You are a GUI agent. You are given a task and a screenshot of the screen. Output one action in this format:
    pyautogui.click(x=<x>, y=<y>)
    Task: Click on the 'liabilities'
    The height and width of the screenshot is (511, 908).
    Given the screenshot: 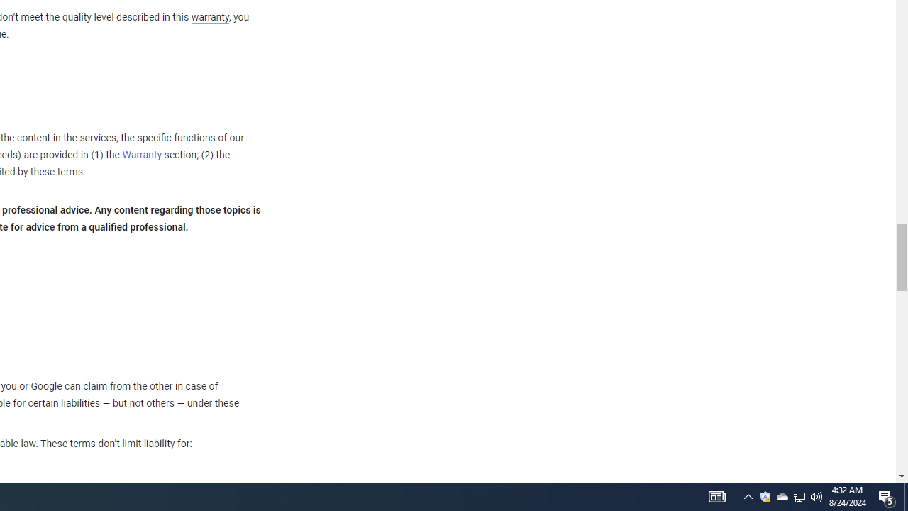 What is the action you would take?
    pyautogui.click(x=79, y=403)
    